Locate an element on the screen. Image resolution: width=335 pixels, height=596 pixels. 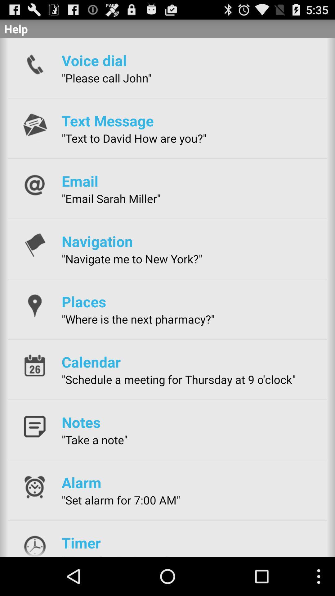
navigate me to is located at coordinates (132, 259).